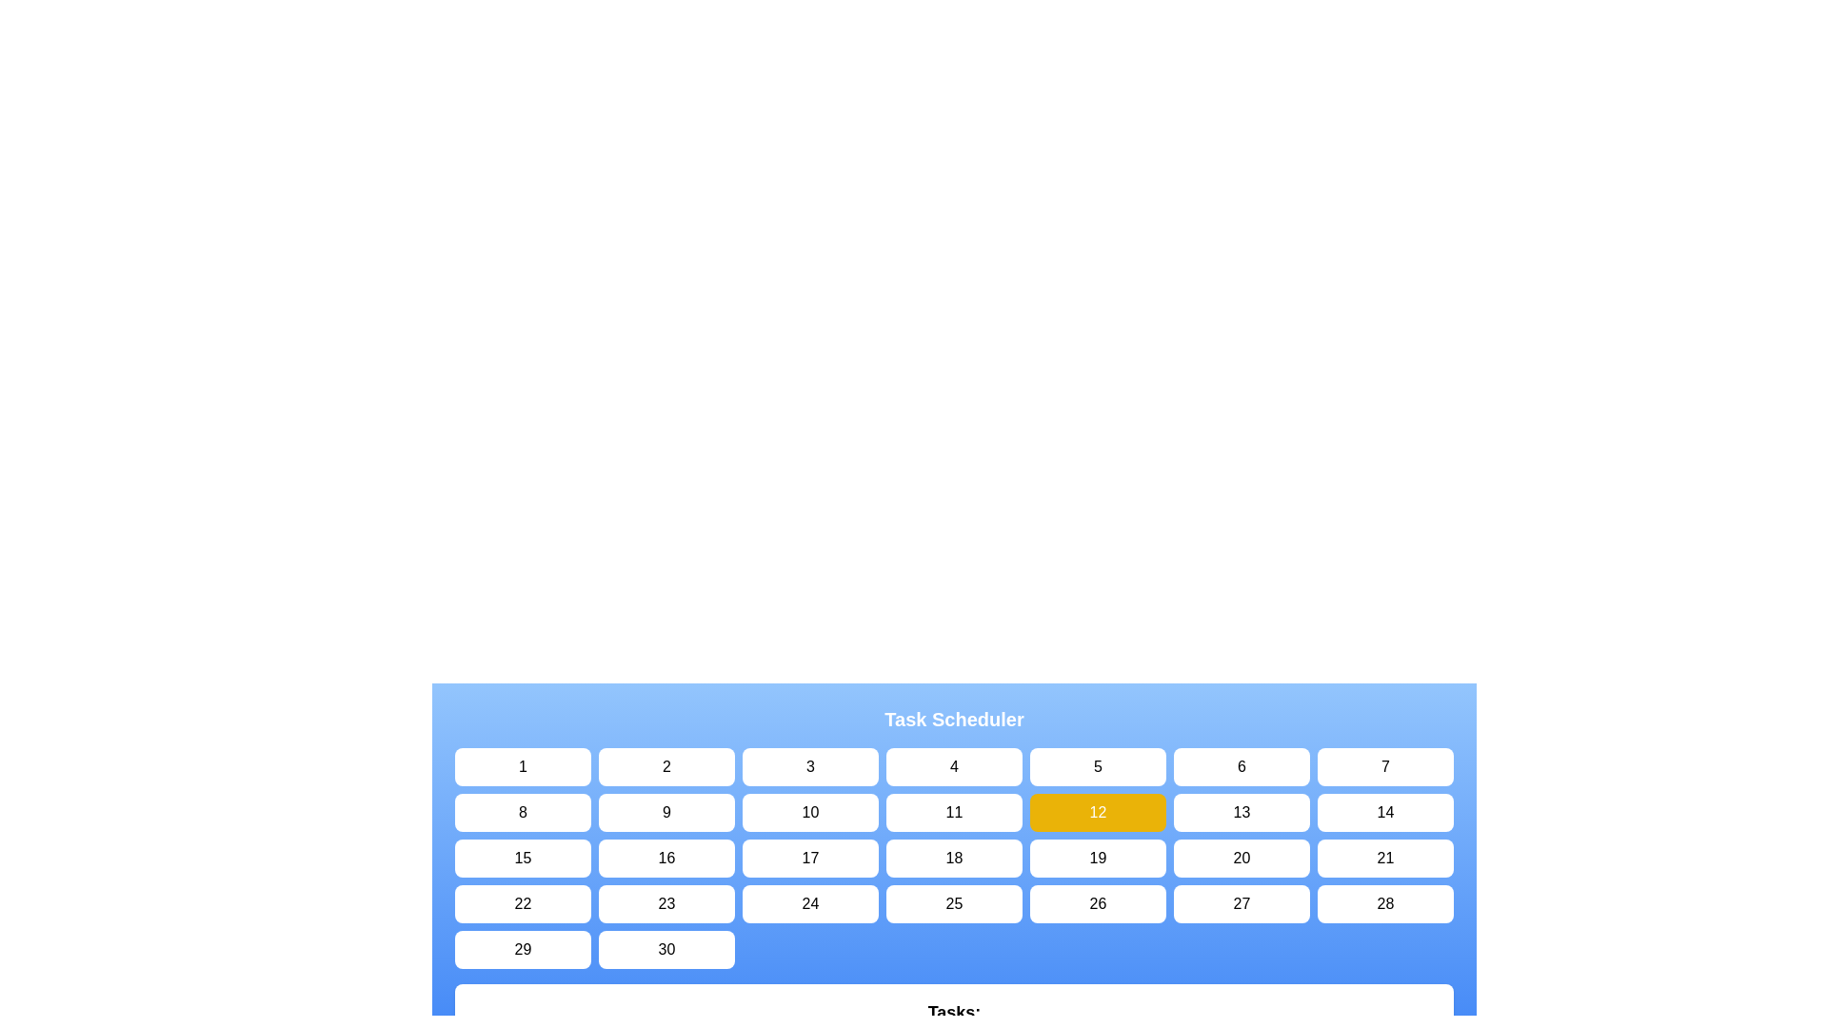  Describe the element at coordinates (1385, 902) in the screenshot. I see `the button that interacts with the value '28', located` at that location.